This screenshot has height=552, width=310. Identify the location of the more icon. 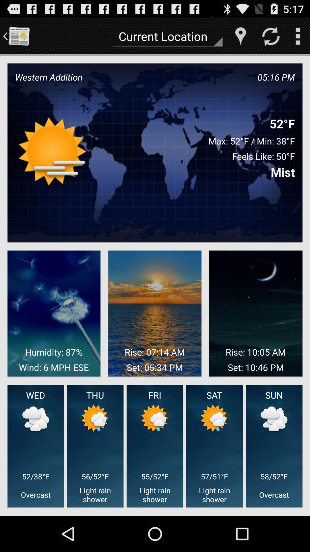
(297, 38).